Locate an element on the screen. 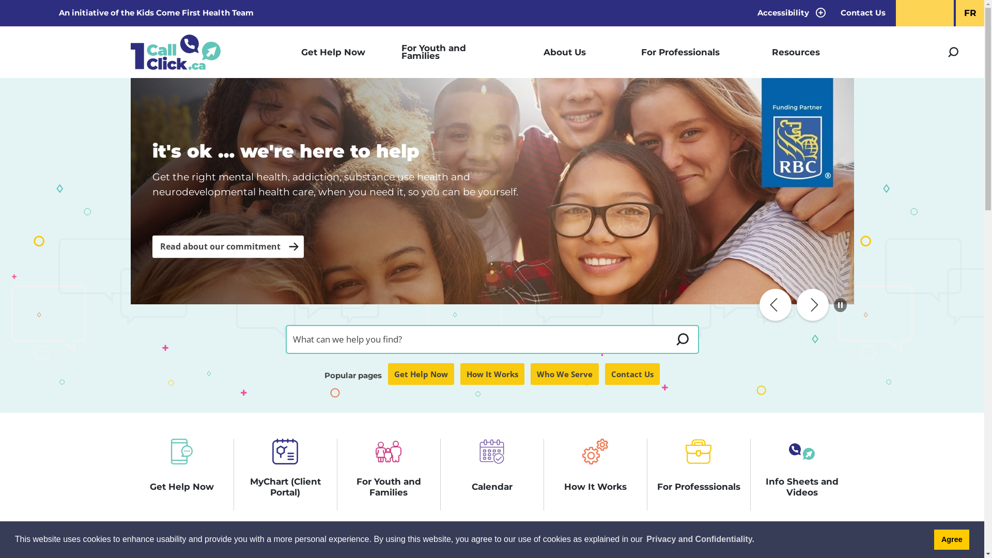  'Accessibility' is located at coordinates (788, 13).